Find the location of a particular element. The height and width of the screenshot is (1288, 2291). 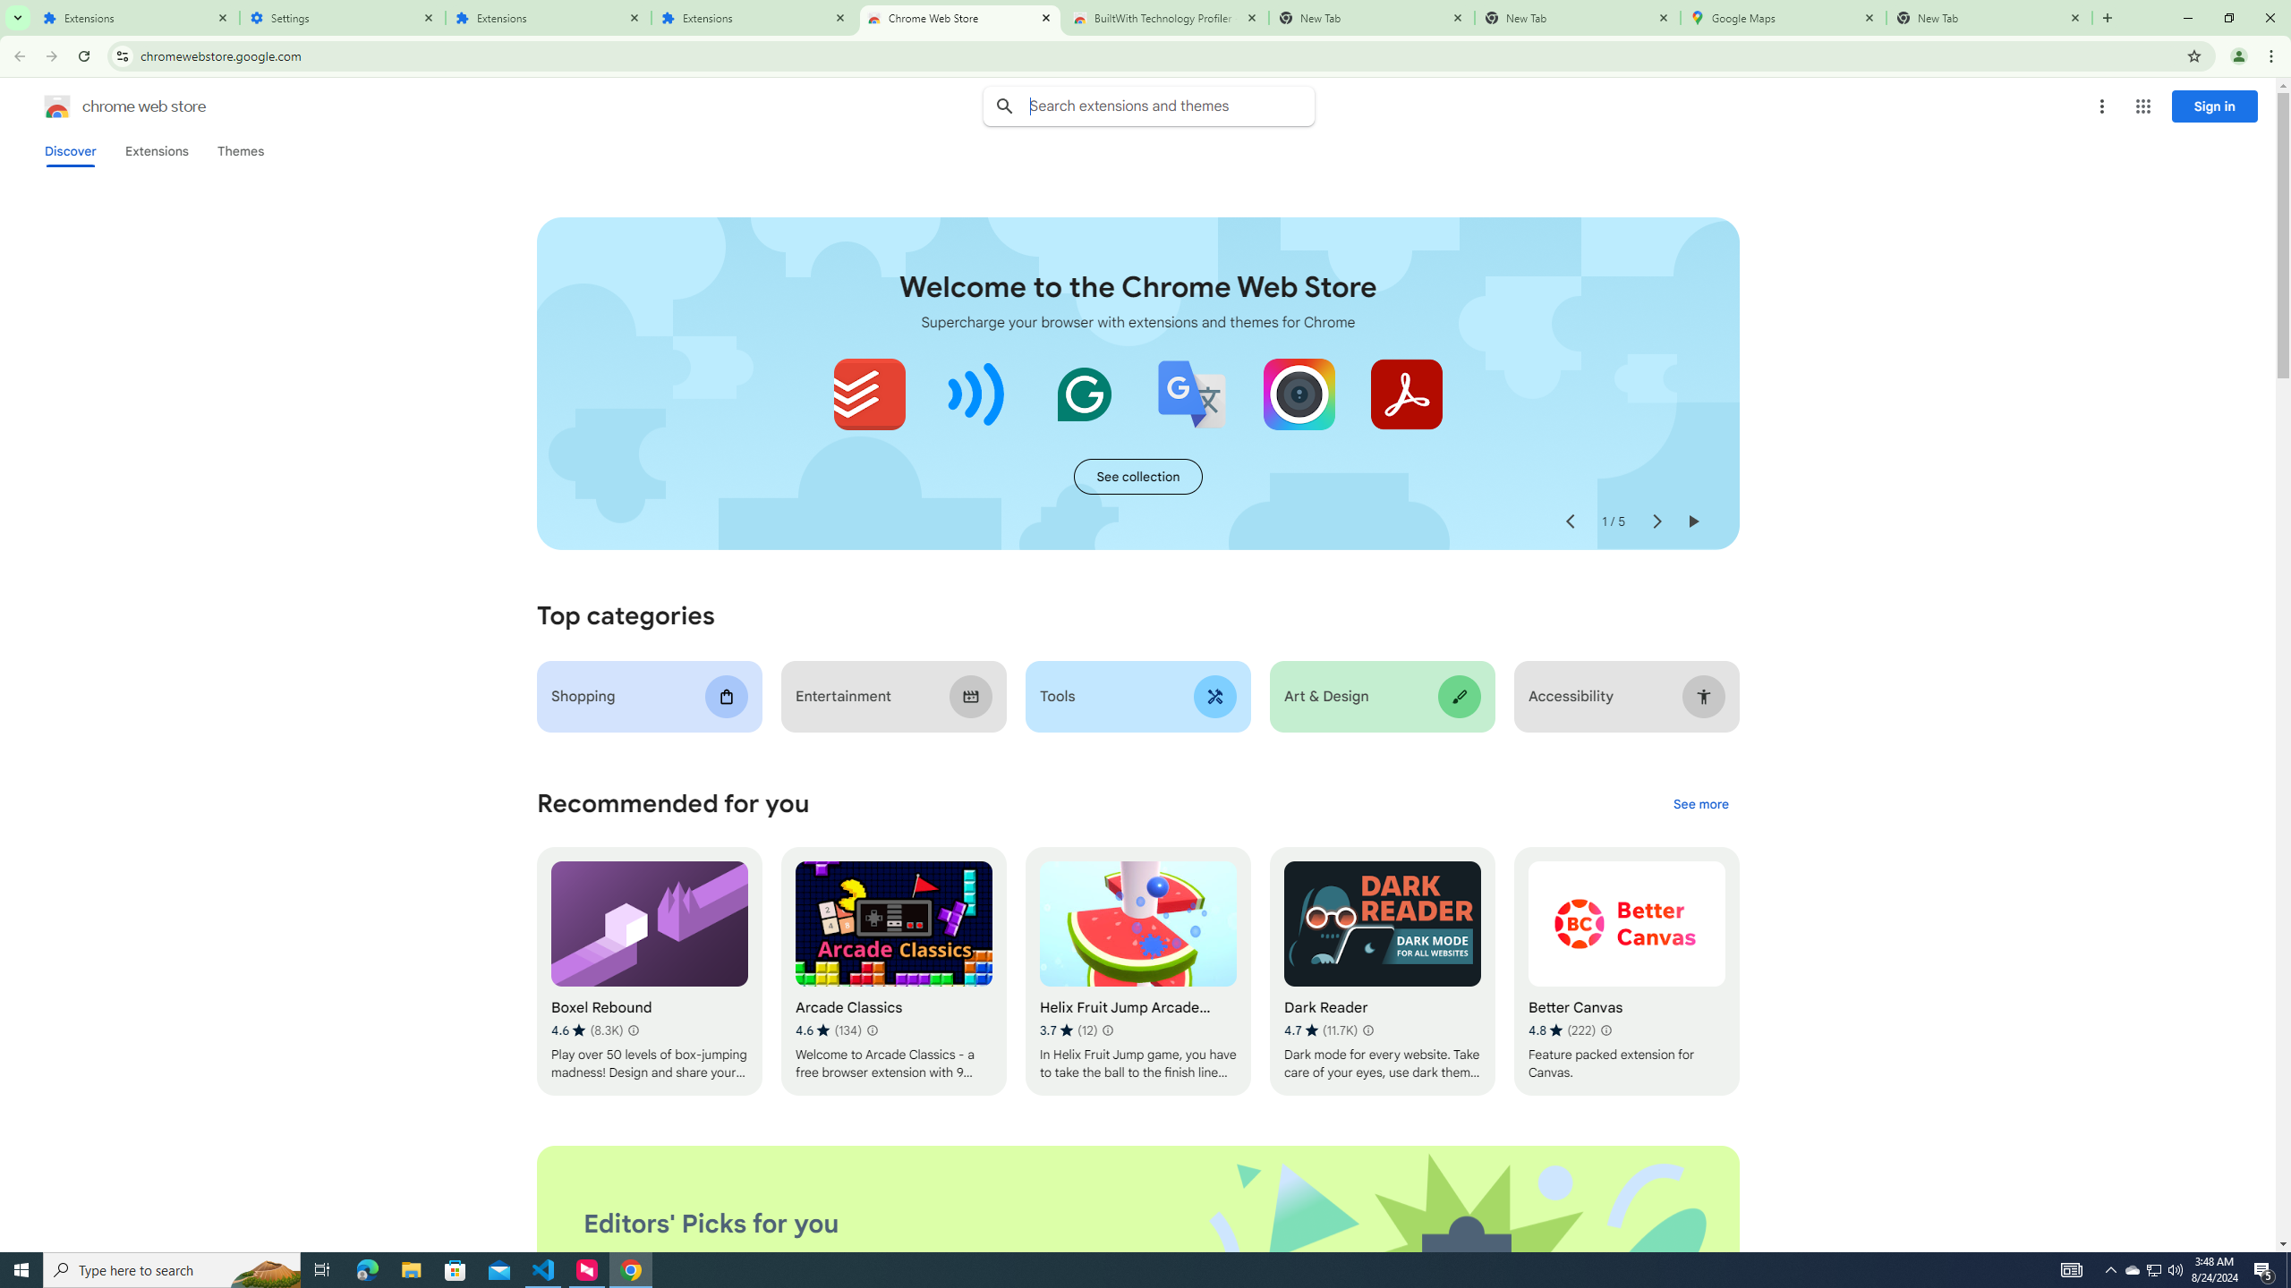

'Art & Design' is located at coordinates (1382, 696).